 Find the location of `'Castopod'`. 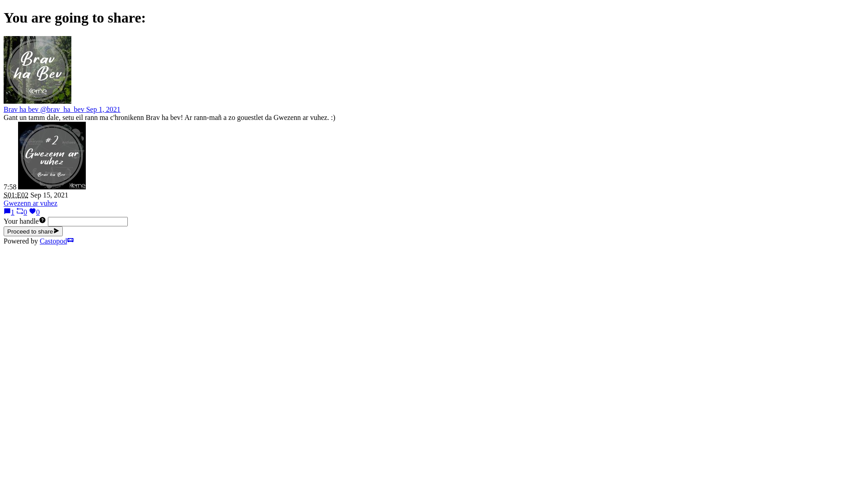

'Castopod' is located at coordinates (56, 240).